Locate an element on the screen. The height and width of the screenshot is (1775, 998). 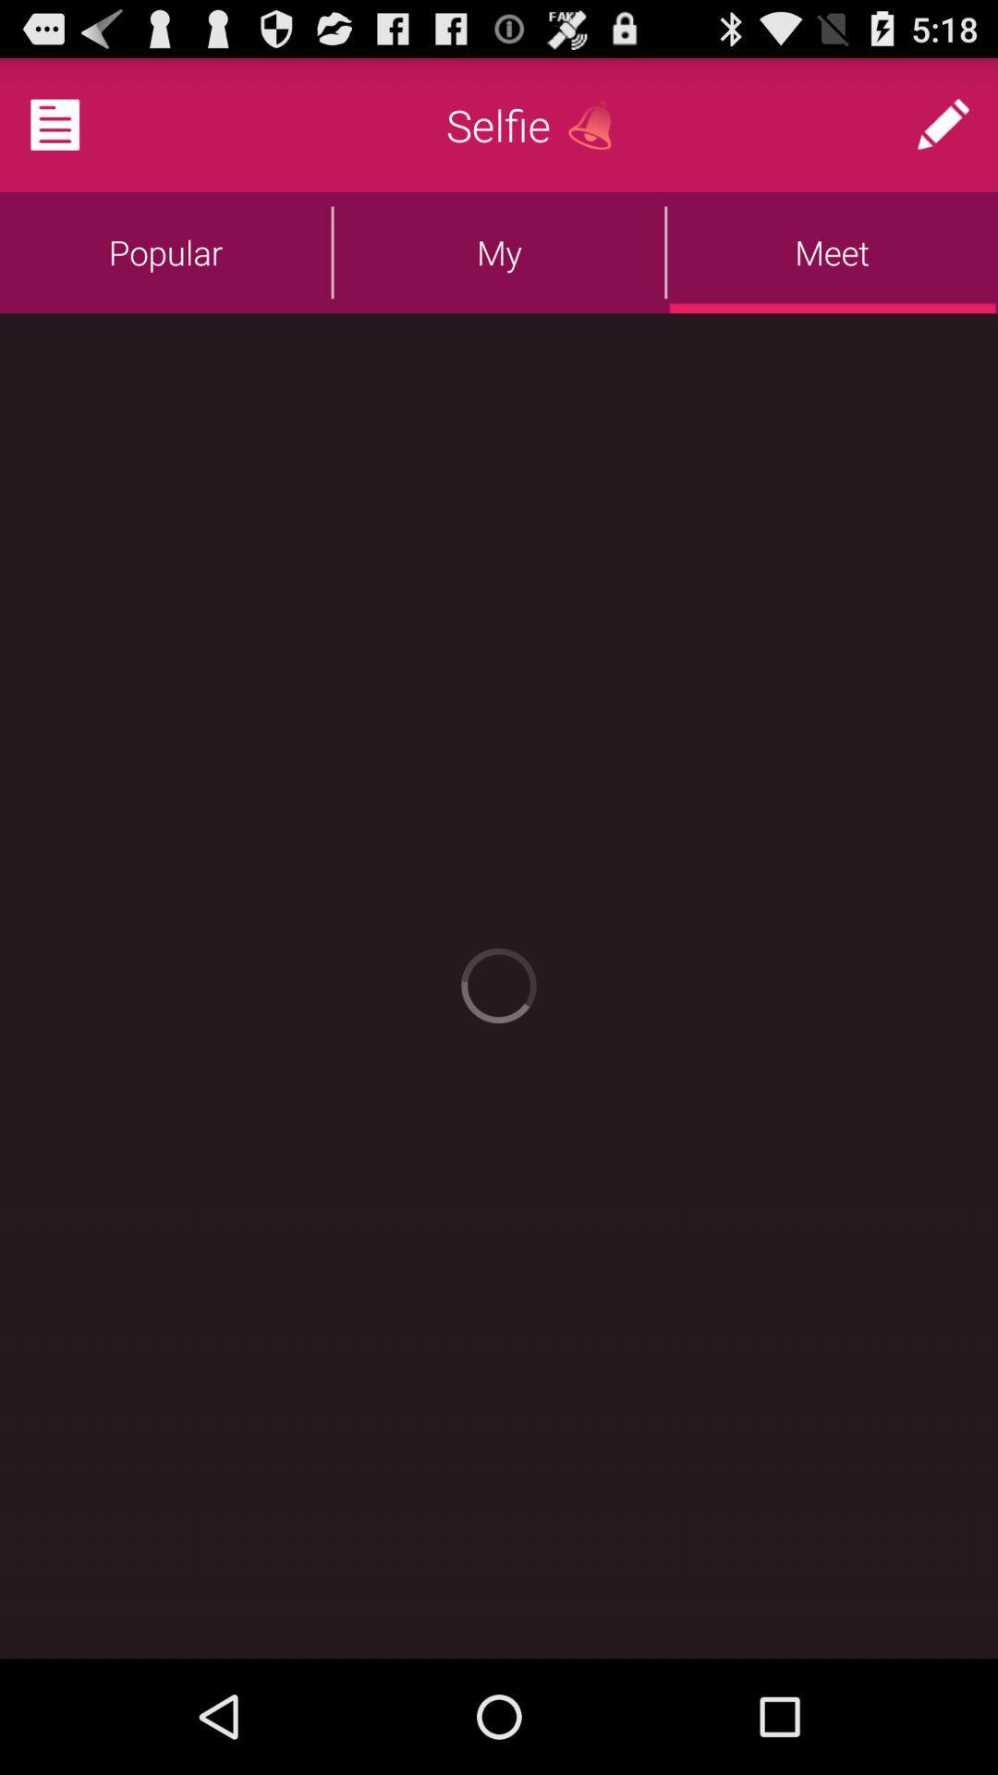
the edit icon is located at coordinates (943, 132).